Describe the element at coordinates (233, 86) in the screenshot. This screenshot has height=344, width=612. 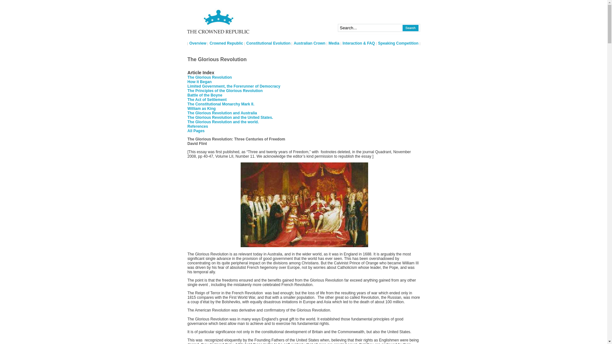
I see `'Limited Government, the Forerunner of Democracy'` at that location.